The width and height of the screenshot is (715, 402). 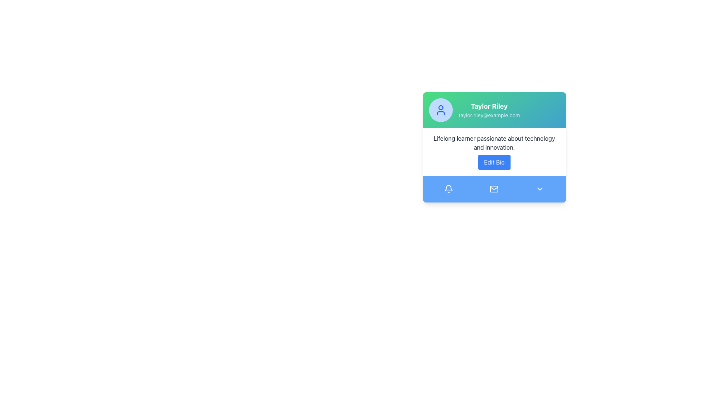 What do you see at coordinates (441, 108) in the screenshot?
I see `the decorative SVG element representing the user's head in the user profile icon, which is centered horizontally in the top section of the card` at bounding box center [441, 108].